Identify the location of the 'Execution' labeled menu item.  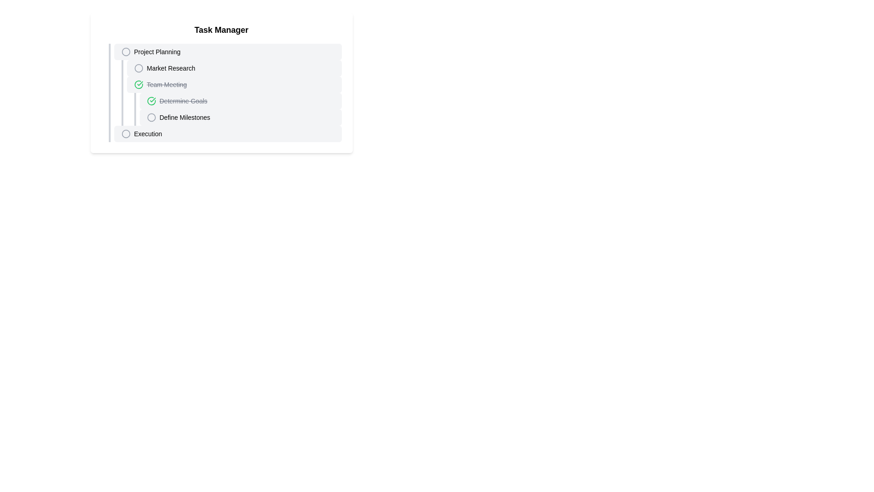
(148, 133).